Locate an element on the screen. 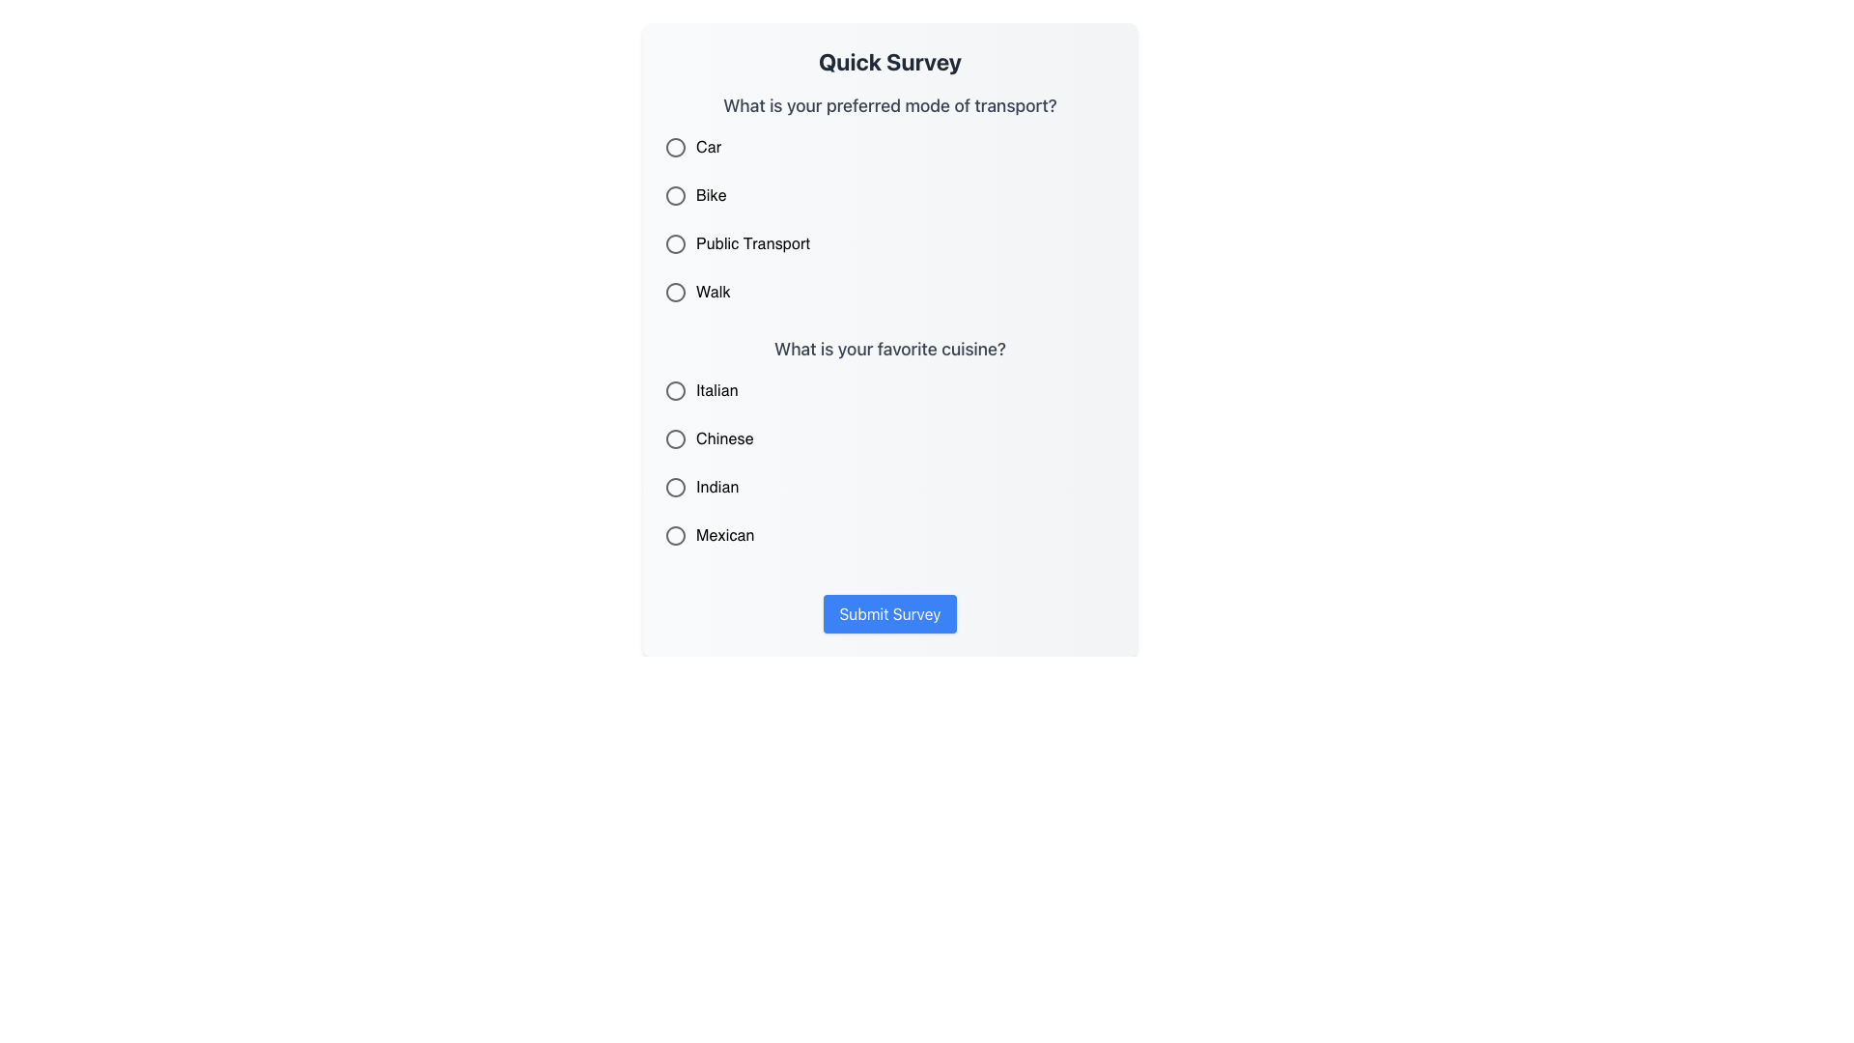 The height and width of the screenshot is (1043, 1854). the selected radio button labeled 'Italian' is located at coordinates (676, 391).